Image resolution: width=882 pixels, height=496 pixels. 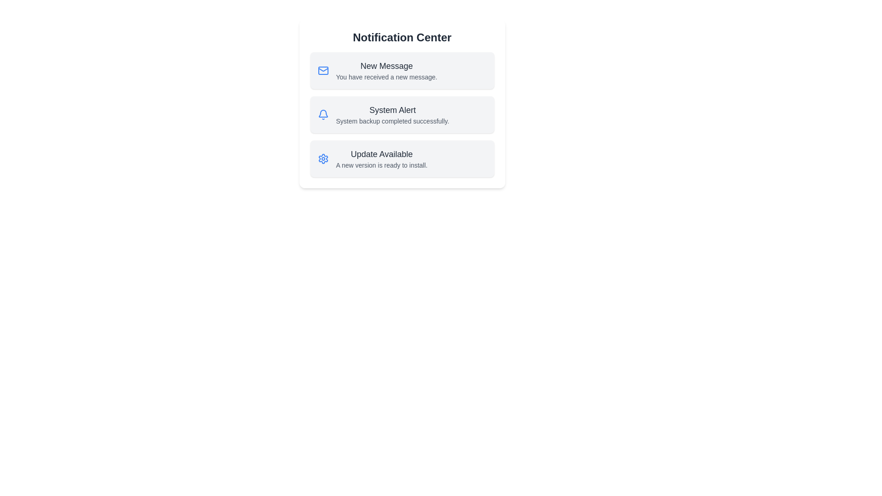 I want to click on descriptive text label indicating that a system backup has been completed successfully, located directly below the 'System Alert' heading in the 'Notification Center.', so click(x=392, y=120).